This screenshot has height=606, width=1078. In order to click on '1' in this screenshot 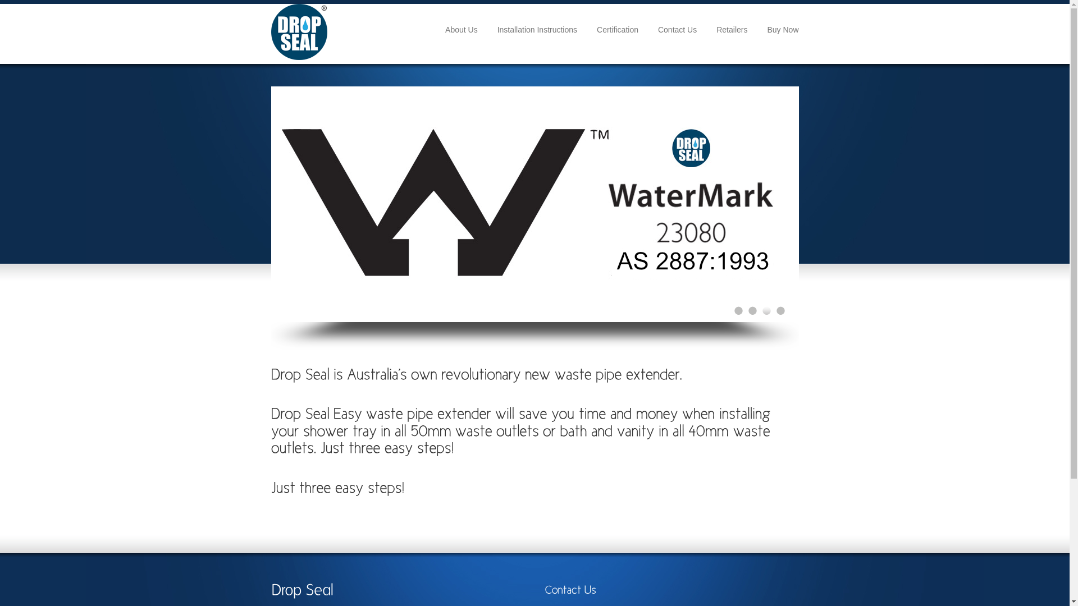, I will do `click(738, 310)`.